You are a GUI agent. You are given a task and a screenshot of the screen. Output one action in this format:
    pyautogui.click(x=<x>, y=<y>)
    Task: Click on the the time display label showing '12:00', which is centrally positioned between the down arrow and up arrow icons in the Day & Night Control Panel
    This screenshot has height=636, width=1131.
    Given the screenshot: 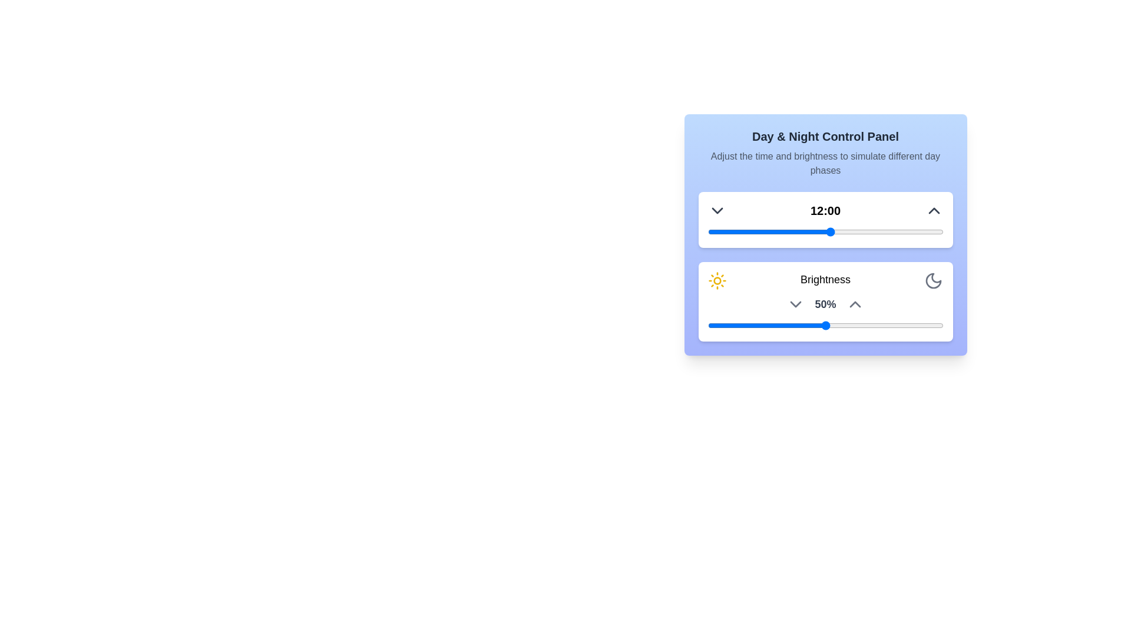 What is the action you would take?
    pyautogui.click(x=825, y=210)
    